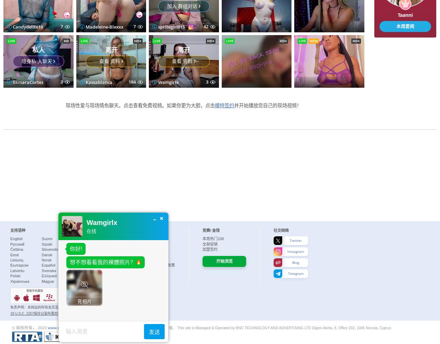  What do you see at coordinates (295, 240) in the screenshot?
I see `'Twitter'` at bounding box center [295, 240].